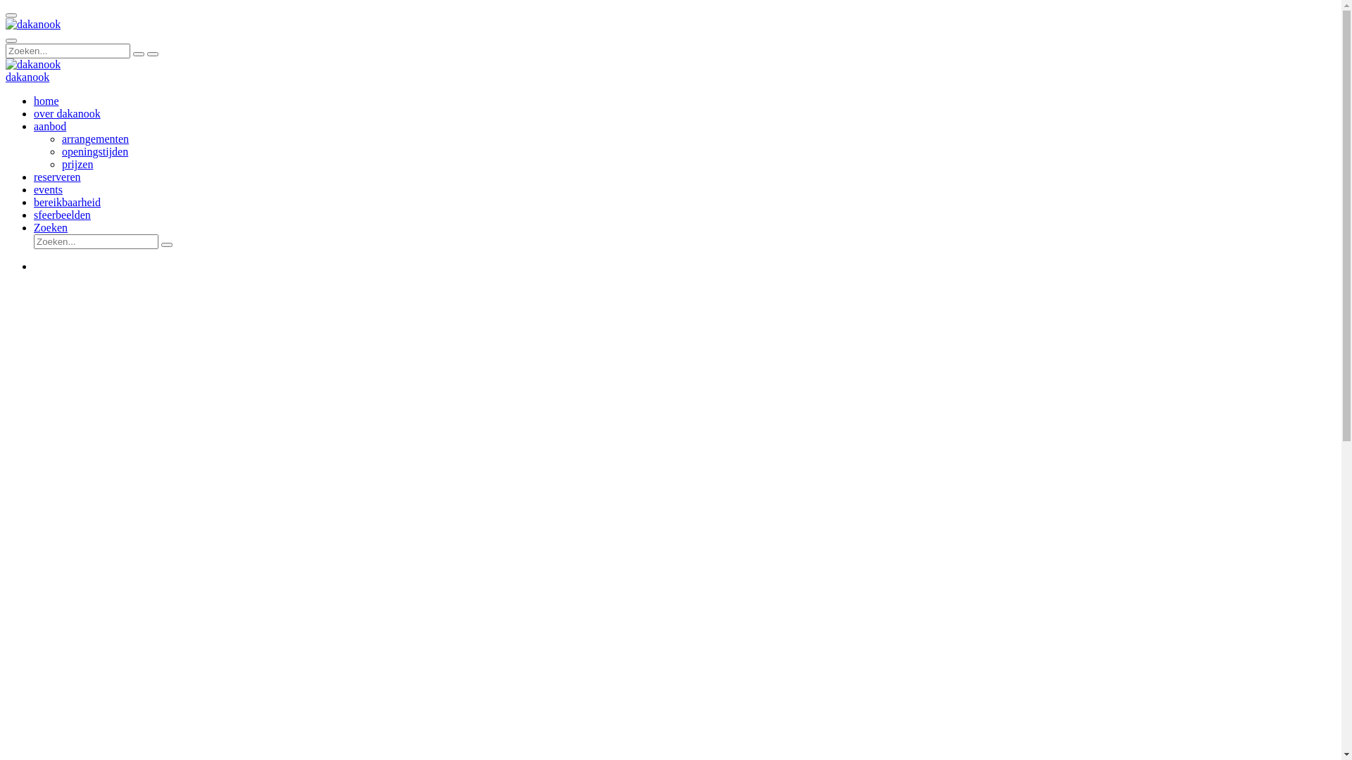 The height and width of the screenshot is (760, 1352). Describe the element at coordinates (66, 113) in the screenshot. I see `'over dakanook'` at that location.